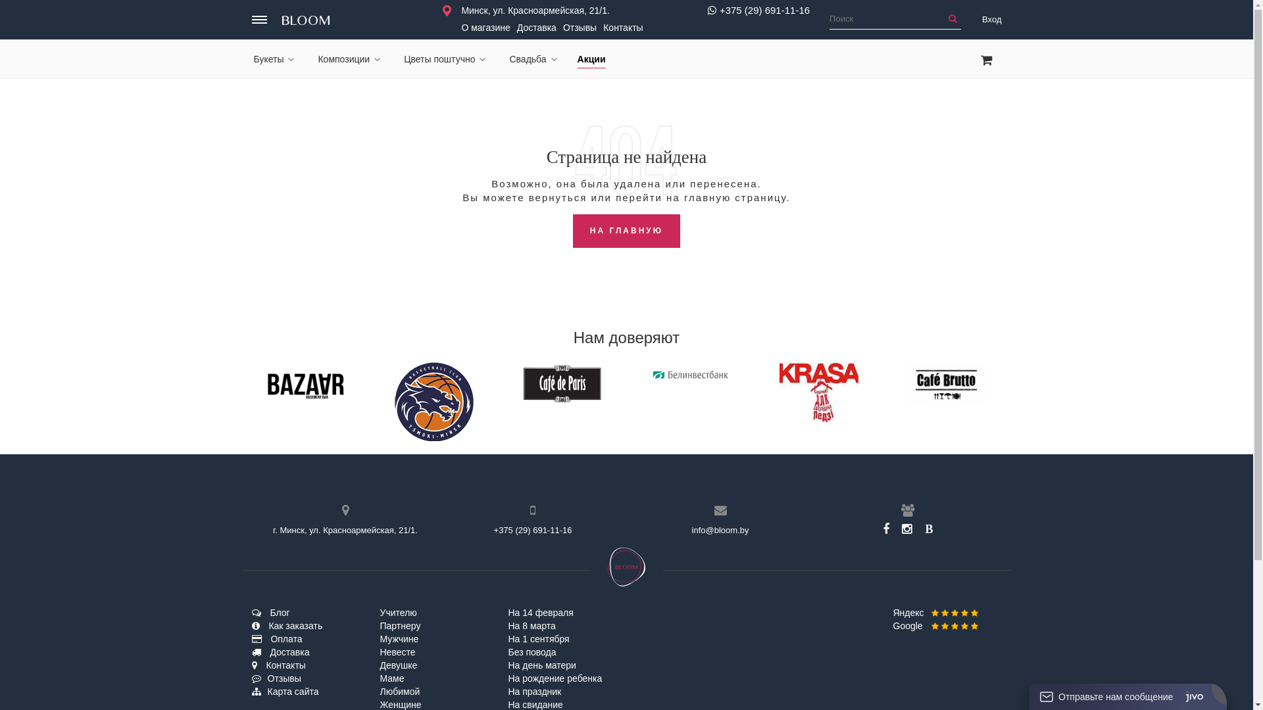 Image resolution: width=1263 pixels, height=710 pixels. What do you see at coordinates (720, 529) in the screenshot?
I see `'info@bloom.by'` at bounding box center [720, 529].